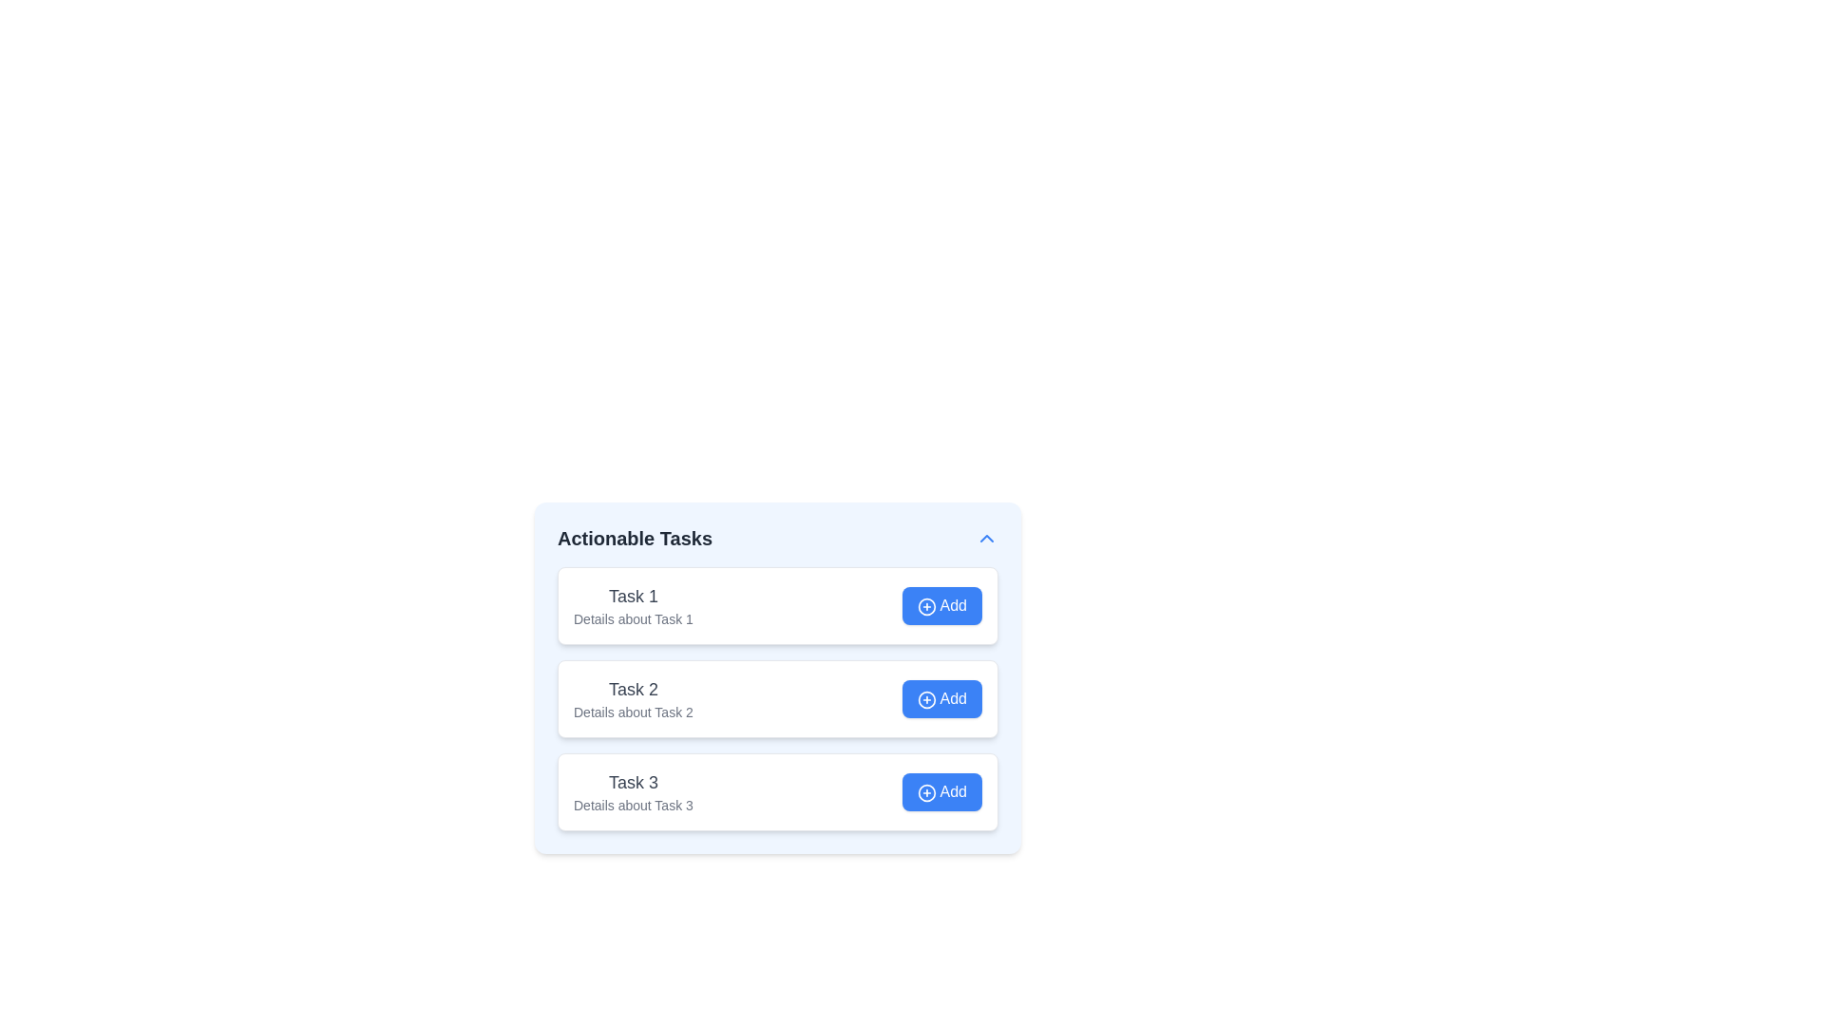 The height and width of the screenshot is (1026, 1824). Describe the element at coordinates (778, 699) in the screenshot. I see `details of the task labeled 'Task 2' within the blue-bordered card titled 'Actionable Tasks', located near the center-right of the interface` at that location.